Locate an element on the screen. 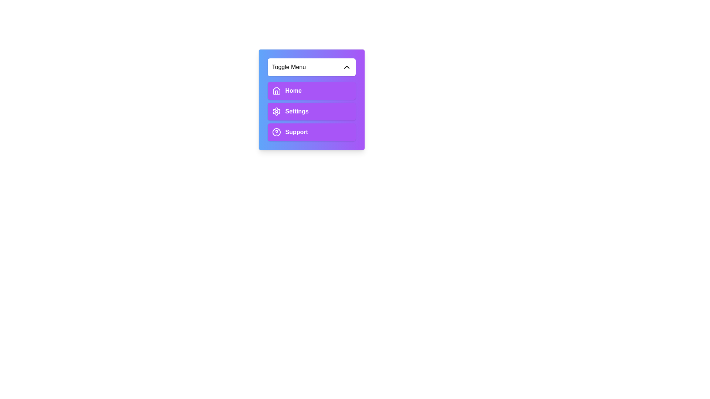 This screenshot has width=710, height=399. the icon located at the far right of the header section is located at coordinates (346, 67).